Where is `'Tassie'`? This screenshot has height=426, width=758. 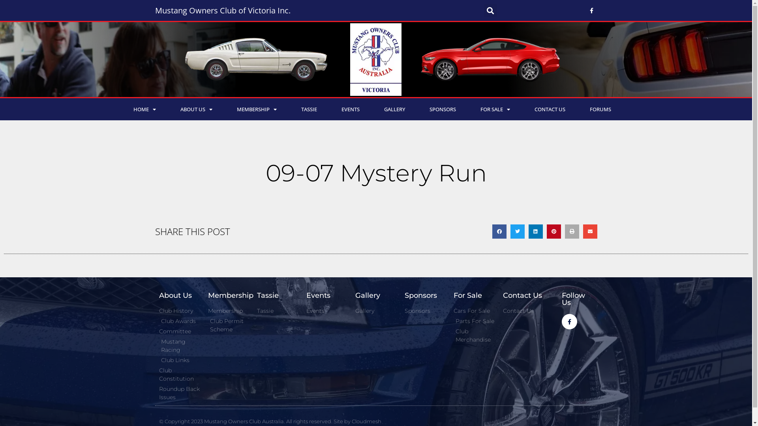 'Tassie' is located at coordinates (277, 310).